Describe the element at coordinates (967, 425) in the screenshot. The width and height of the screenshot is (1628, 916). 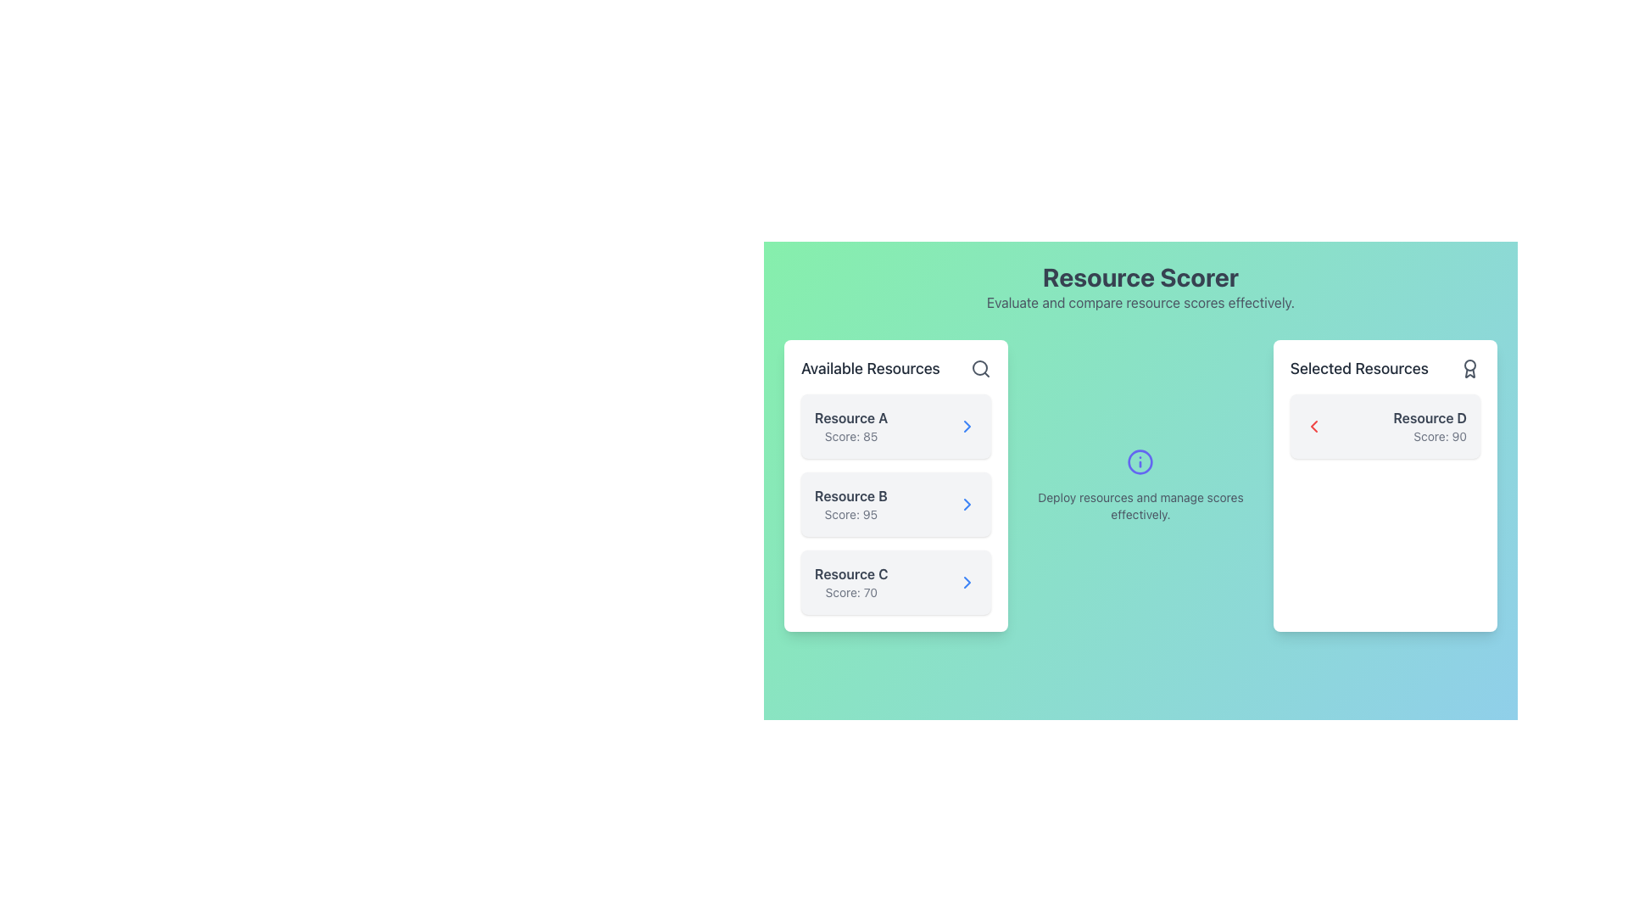
I see `the small triangular-shaped rightward direction icon located at the right end of the list item labeled 'Resource A - Score: 85' within the 'Available Resources' card` at that location.